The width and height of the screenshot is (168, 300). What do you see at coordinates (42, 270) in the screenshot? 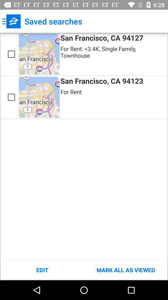
I see `the edit item` at bounding box center [42, 270].